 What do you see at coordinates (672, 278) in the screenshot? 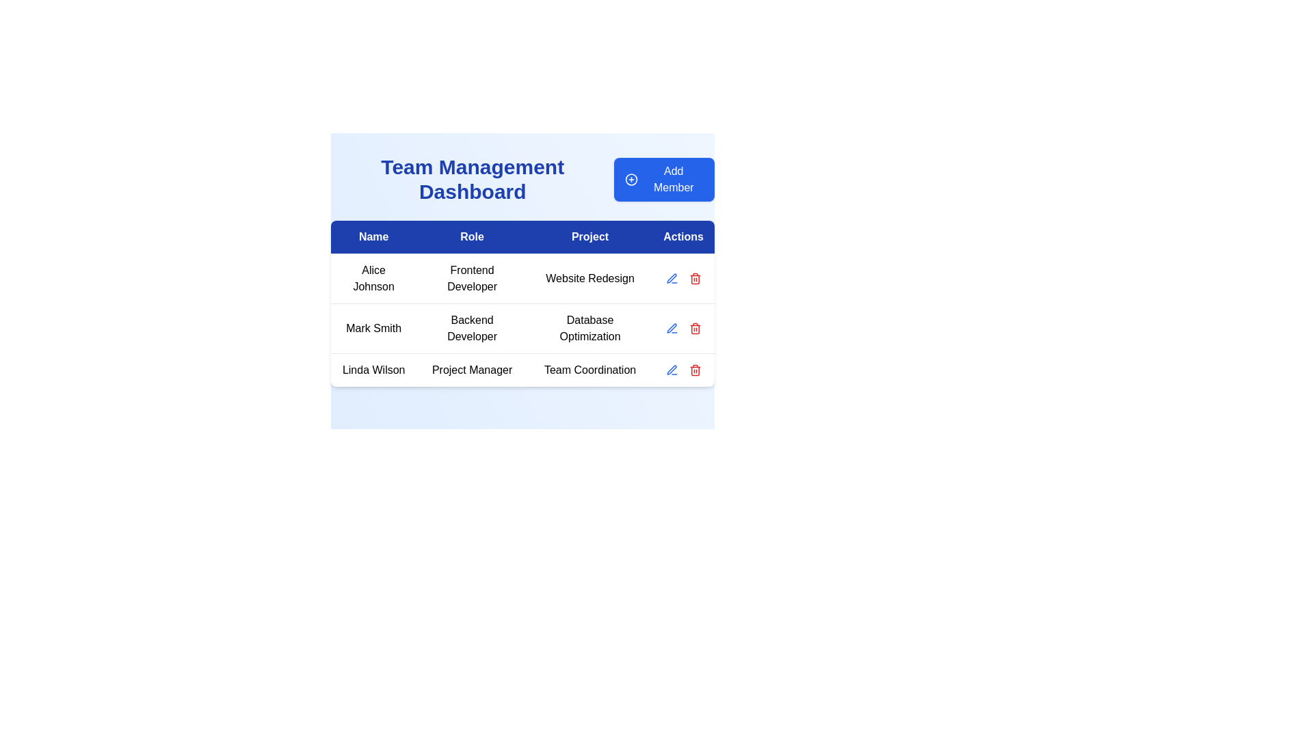
I see `the edit button located in the 'Actions' cell of the 'Backend Developer' row` at bounding box center [672, 278].